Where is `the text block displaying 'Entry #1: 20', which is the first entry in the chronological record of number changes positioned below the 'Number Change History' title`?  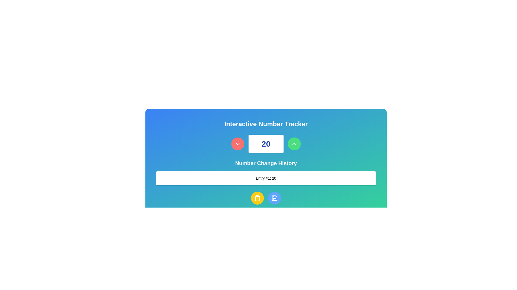 the text block displaying 'Entry #1: 20', which is the first entry in the chronological record of number changes positioned below the 'Number Change History' title is located at coordinates (266, 172).